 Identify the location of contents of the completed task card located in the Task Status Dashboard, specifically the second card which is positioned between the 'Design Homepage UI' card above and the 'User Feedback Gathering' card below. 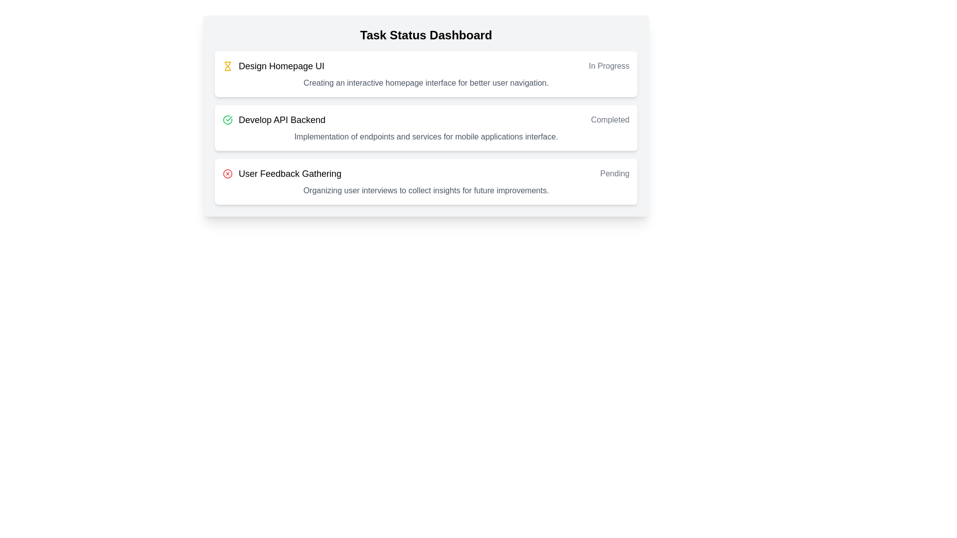
(426, 128).